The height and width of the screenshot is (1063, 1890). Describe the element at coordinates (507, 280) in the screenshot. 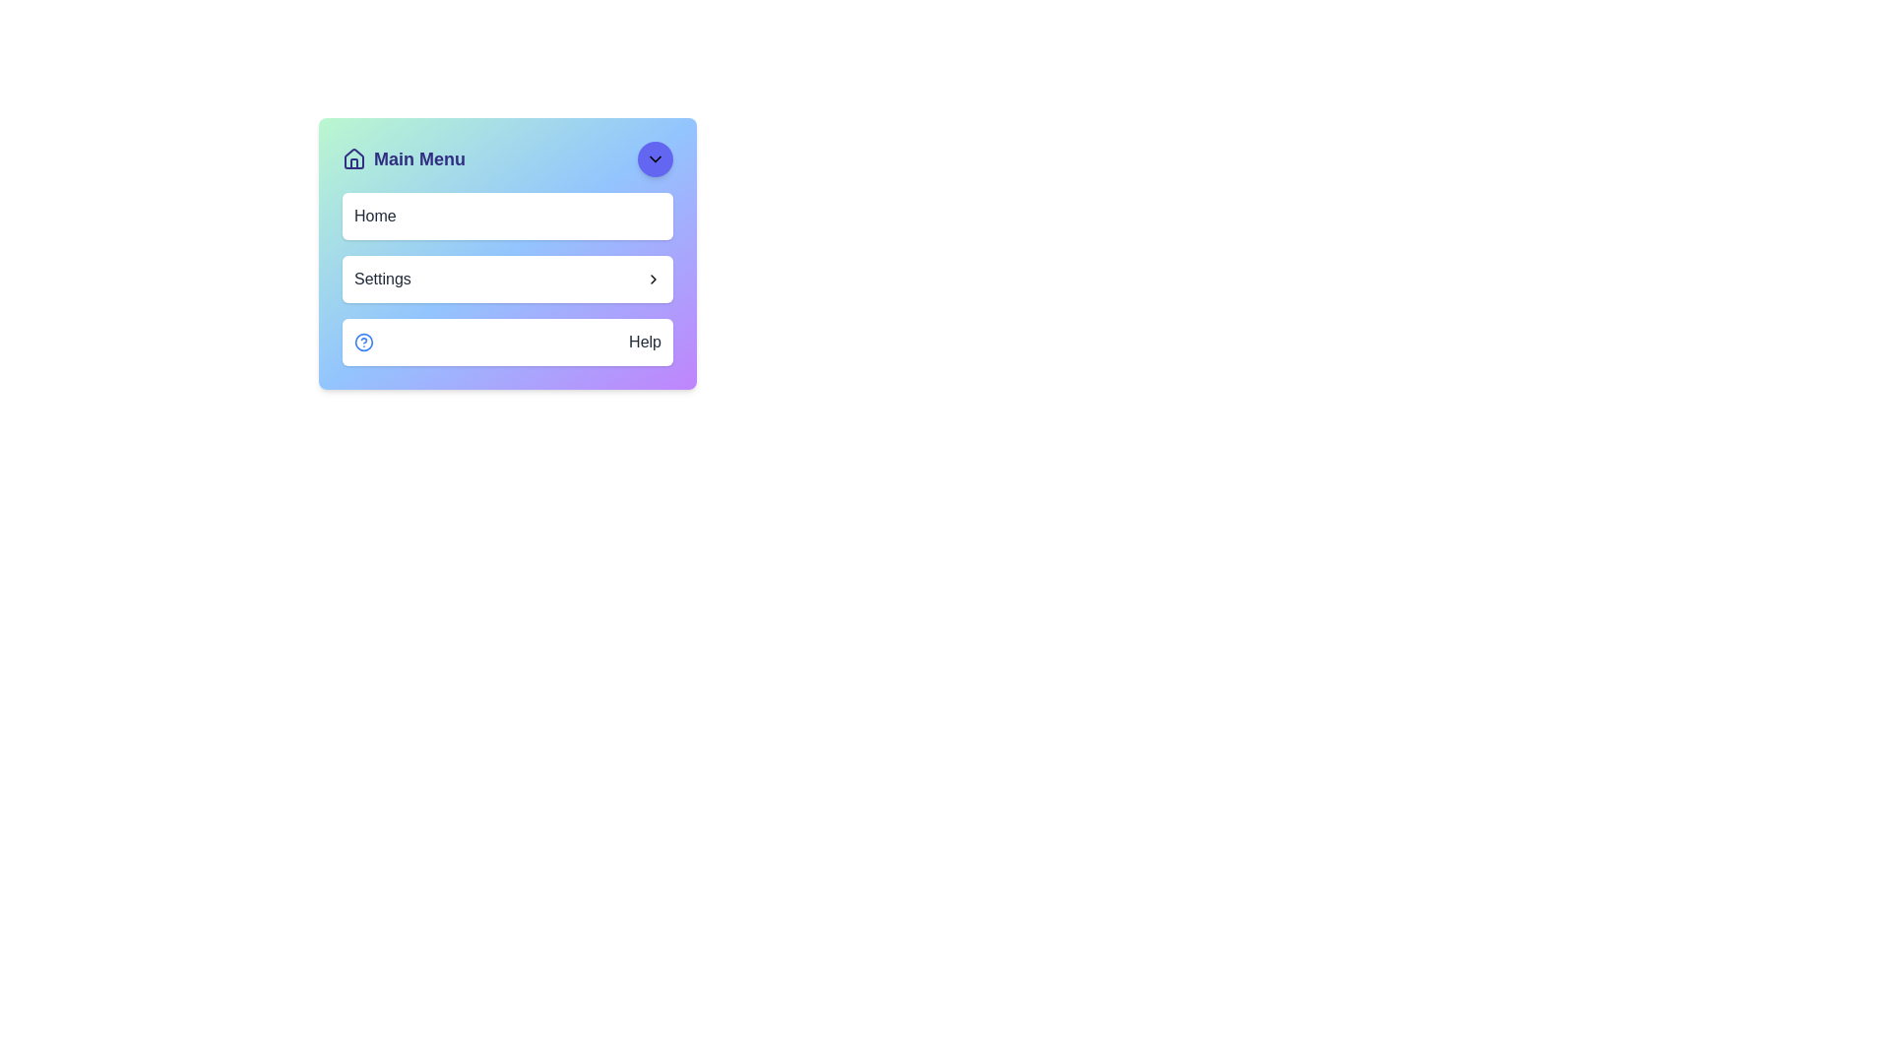

I see `the 'Settings' menu item, which has a white background, rounded corners, and shadow effect` at that location.